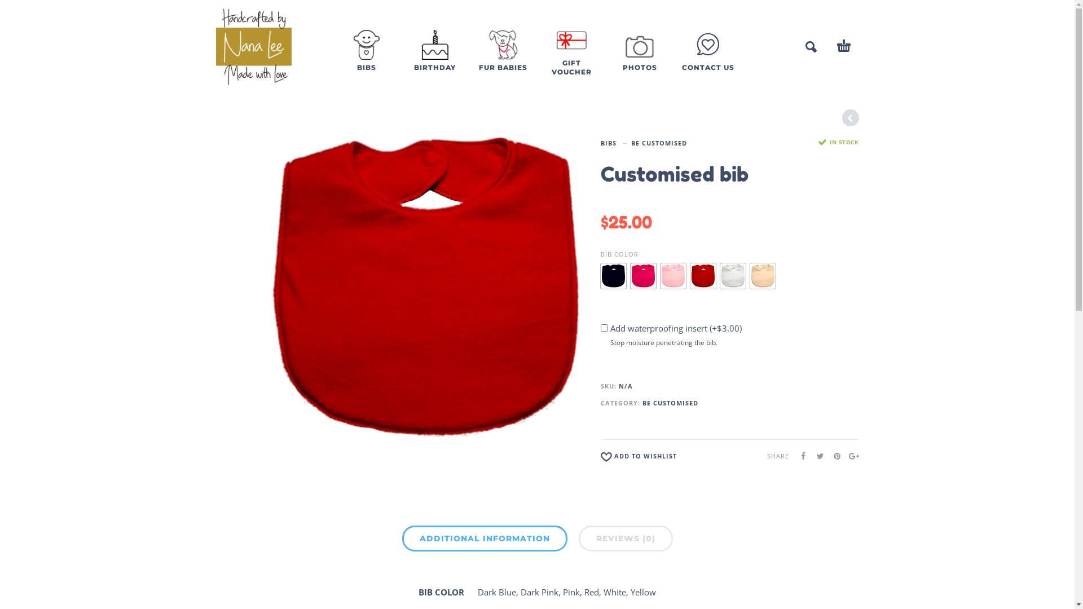 The width and height of the screenshot is (1083, 609). Describe the element at coordinates (733, 276) in the screenshot. I see `'White'` at that location.